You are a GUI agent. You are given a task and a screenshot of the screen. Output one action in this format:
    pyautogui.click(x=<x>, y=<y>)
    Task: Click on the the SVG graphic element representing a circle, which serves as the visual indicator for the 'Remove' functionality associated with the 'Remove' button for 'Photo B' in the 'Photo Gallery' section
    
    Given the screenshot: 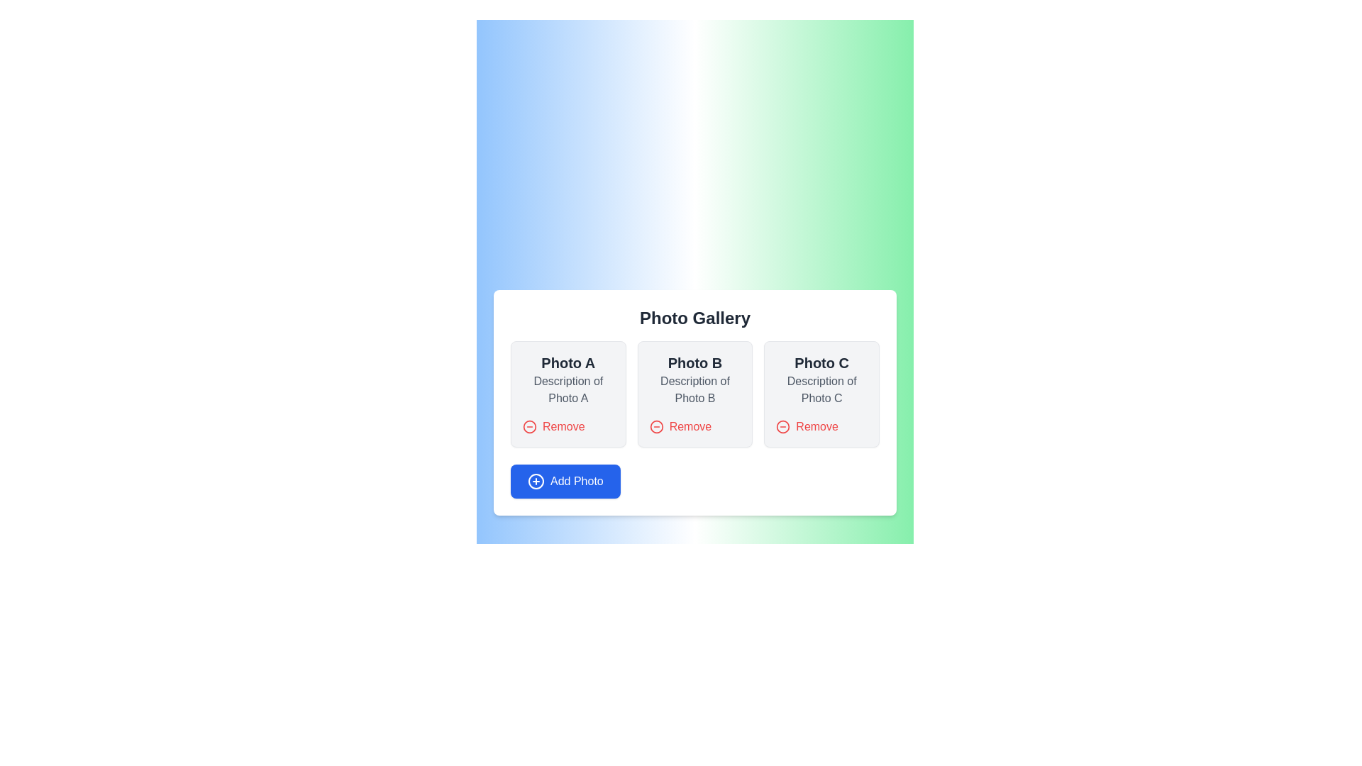 What is the action you would take?
    pyautogui.click(x=655, y=426)
    